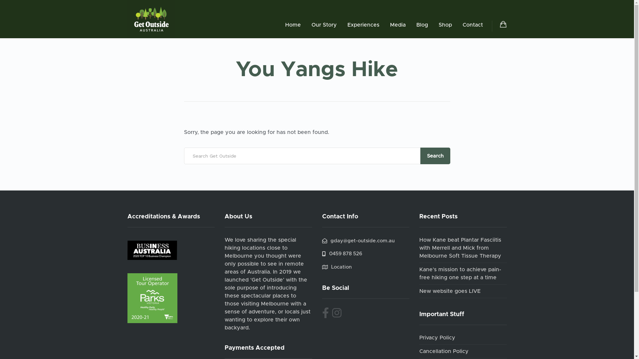  I want to click on 'Media', so click(398, 24).